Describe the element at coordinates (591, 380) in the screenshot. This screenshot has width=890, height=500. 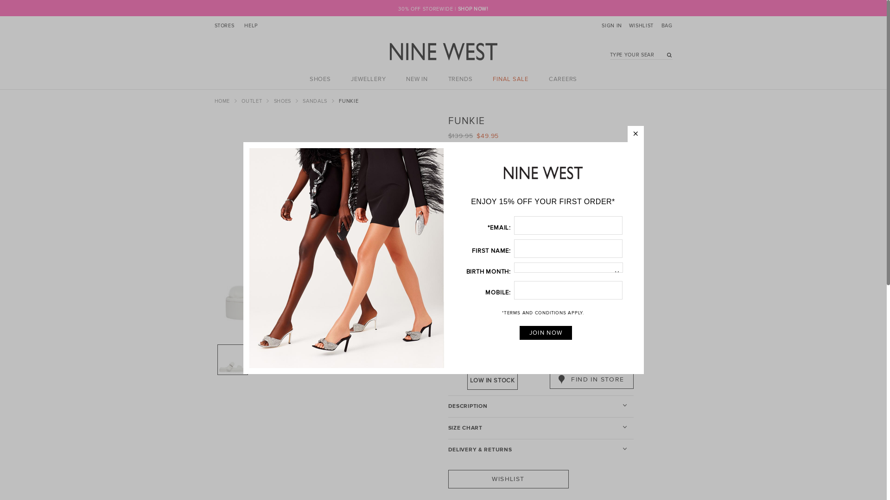
I see `'FIND IN STORE'` at that location.